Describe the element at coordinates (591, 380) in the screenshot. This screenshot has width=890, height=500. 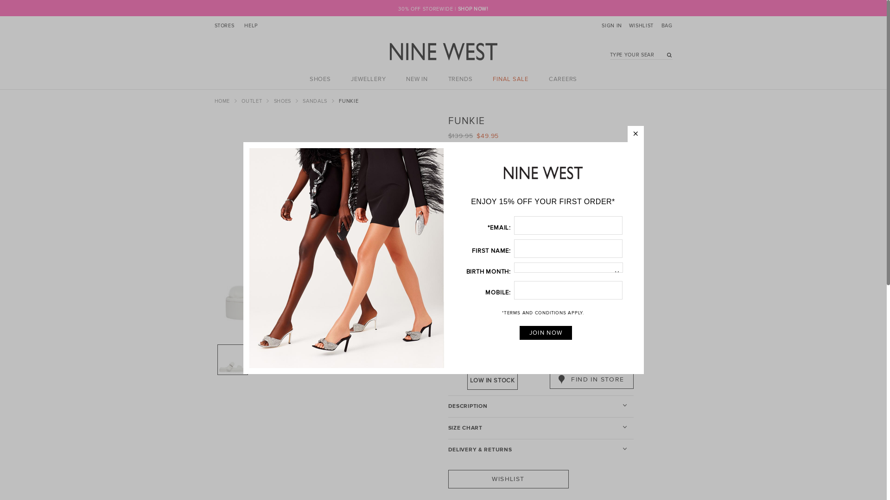
I see `'FIND IN STORE'` at that location.